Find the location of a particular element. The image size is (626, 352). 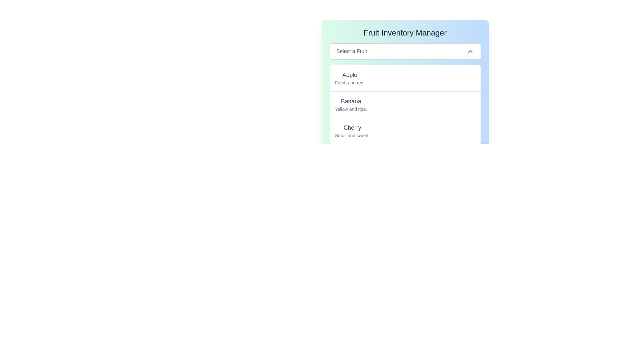

instruction provided by the label text in the dropdown field for selecting a fruit, which is centrally aligned and positioned below the header 'Fruit Inventory Manager' is located at coordinates (351, 51).